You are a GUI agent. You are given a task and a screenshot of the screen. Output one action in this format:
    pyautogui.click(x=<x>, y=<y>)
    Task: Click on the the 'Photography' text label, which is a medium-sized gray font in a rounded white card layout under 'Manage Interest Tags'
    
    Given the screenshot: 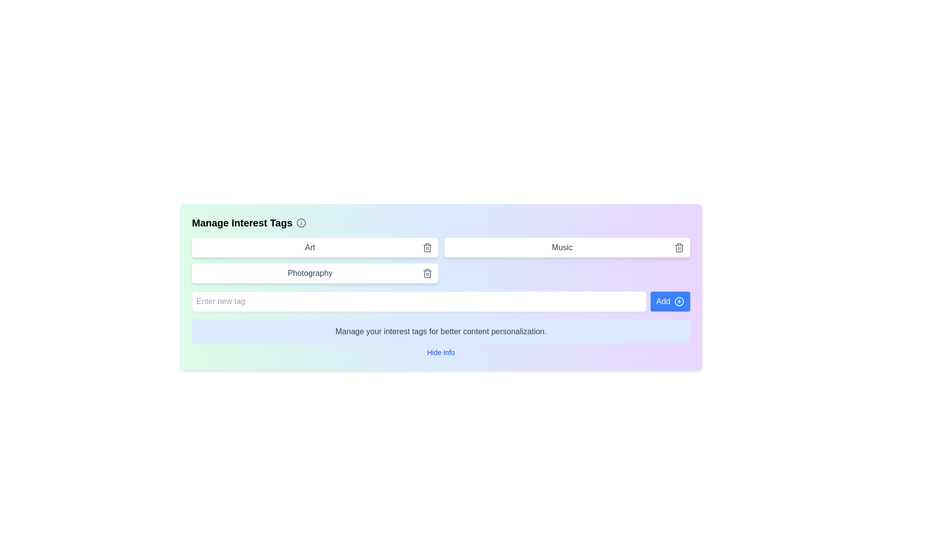 What is the action you would take?
    pyautogui.click(x=309, y=273)
    